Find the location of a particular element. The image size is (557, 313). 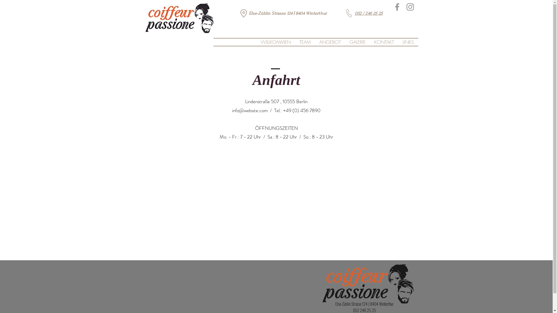

'TEAM' is located at coordinates (304, 42).